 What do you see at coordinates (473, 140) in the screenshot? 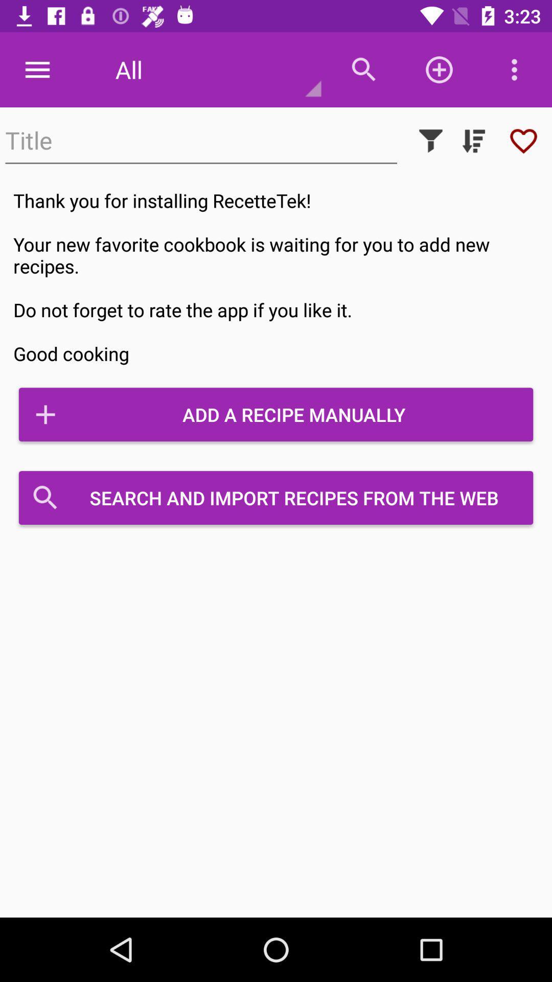
I see `recipe list` at bounding box center [473, 140].